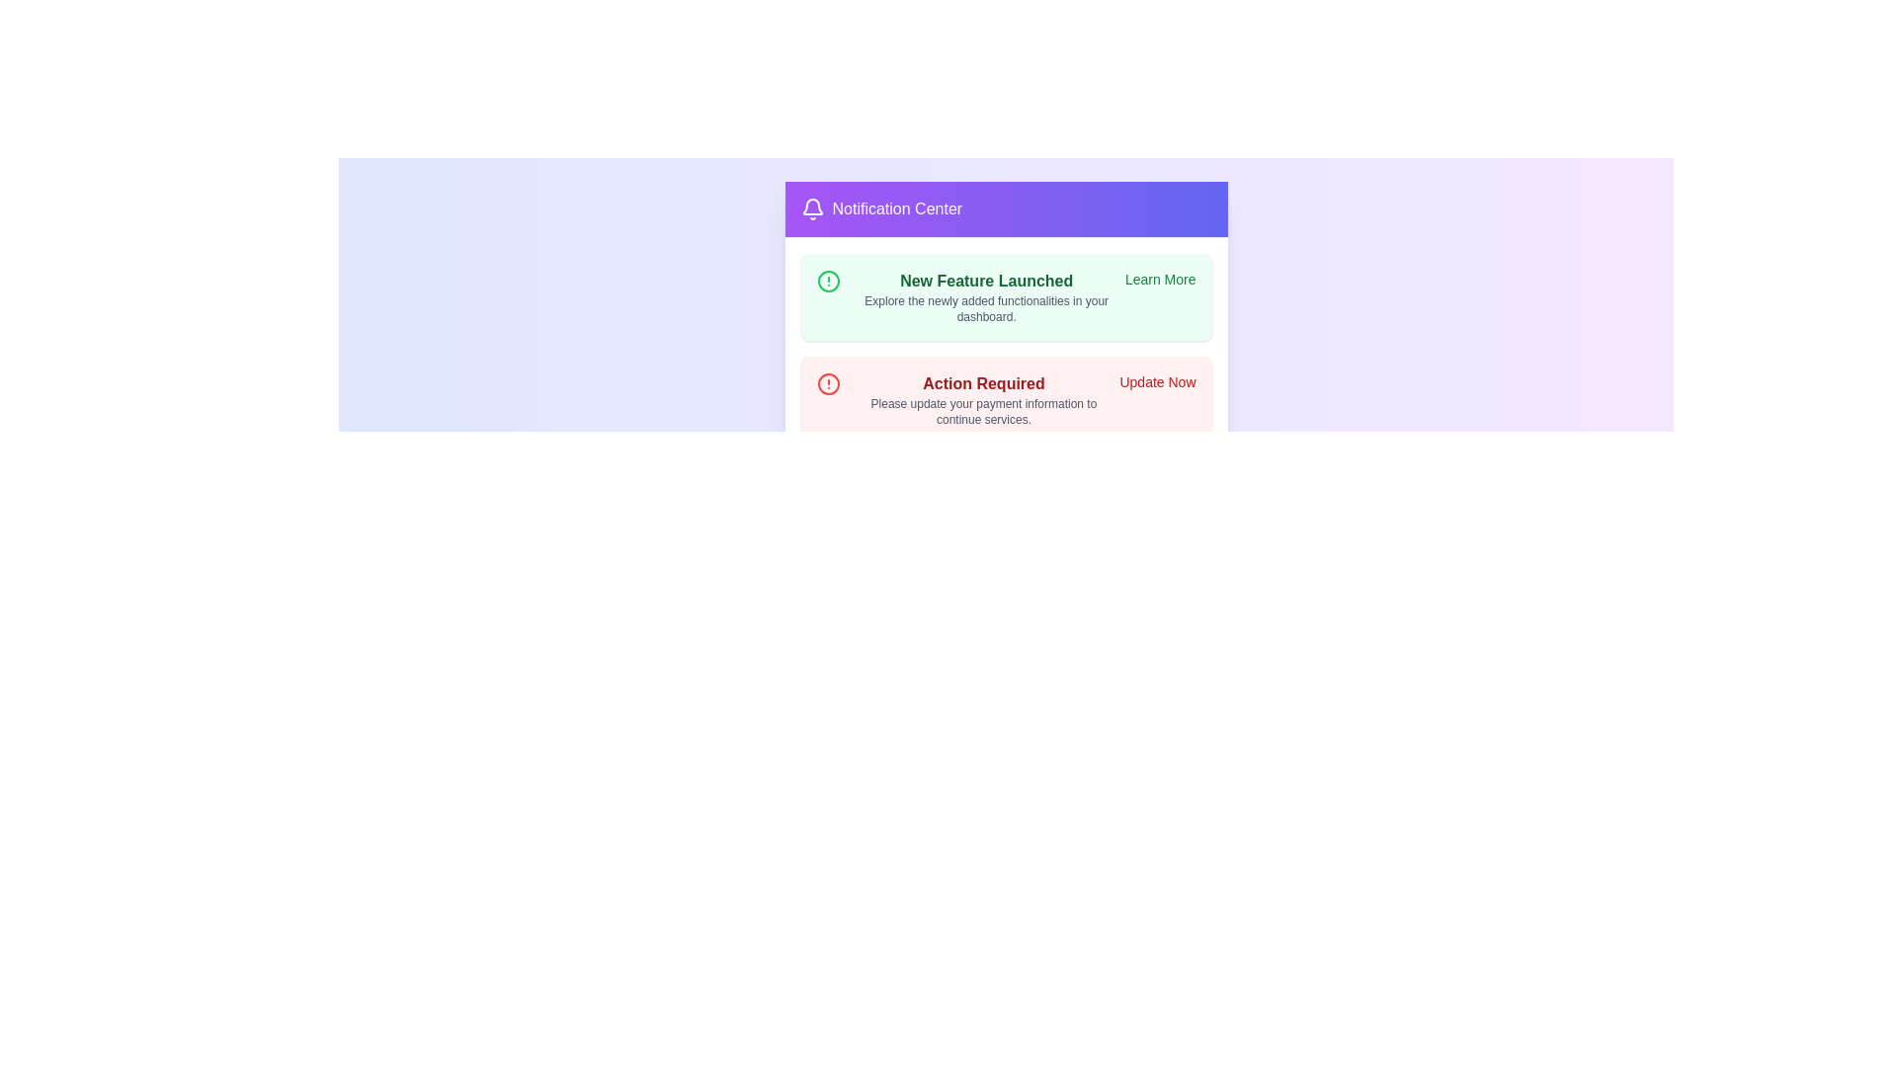 Image resolution: width=1897 pixels, height=1067 pixels. I want to click on the 'Action Required' text block within the red-themed notification card that contains two lines of text, indicating urgency and a request for payment information update, so click(983, 400).